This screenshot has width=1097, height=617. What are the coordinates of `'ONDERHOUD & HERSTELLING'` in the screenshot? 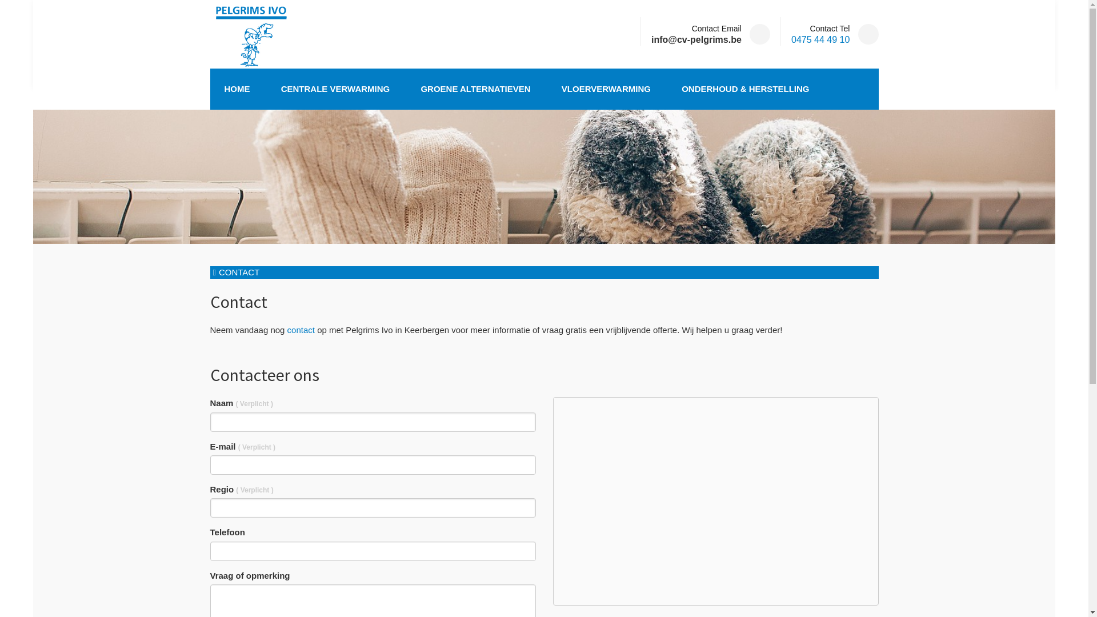 It's located at (745, 88).